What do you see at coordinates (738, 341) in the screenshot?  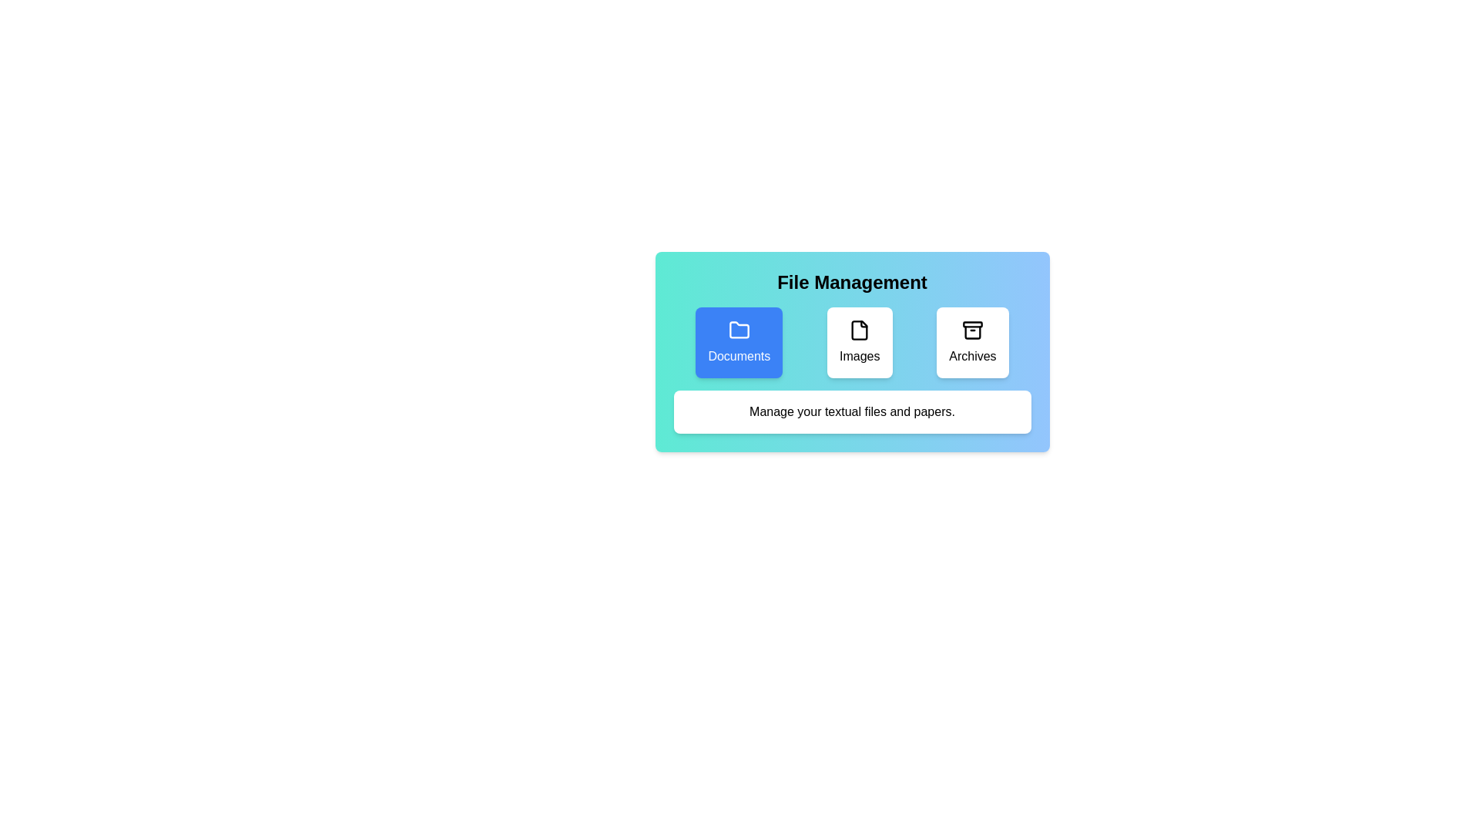 I see `the button corresponding to the category Documents to select it` at bounding box center [738, 341].